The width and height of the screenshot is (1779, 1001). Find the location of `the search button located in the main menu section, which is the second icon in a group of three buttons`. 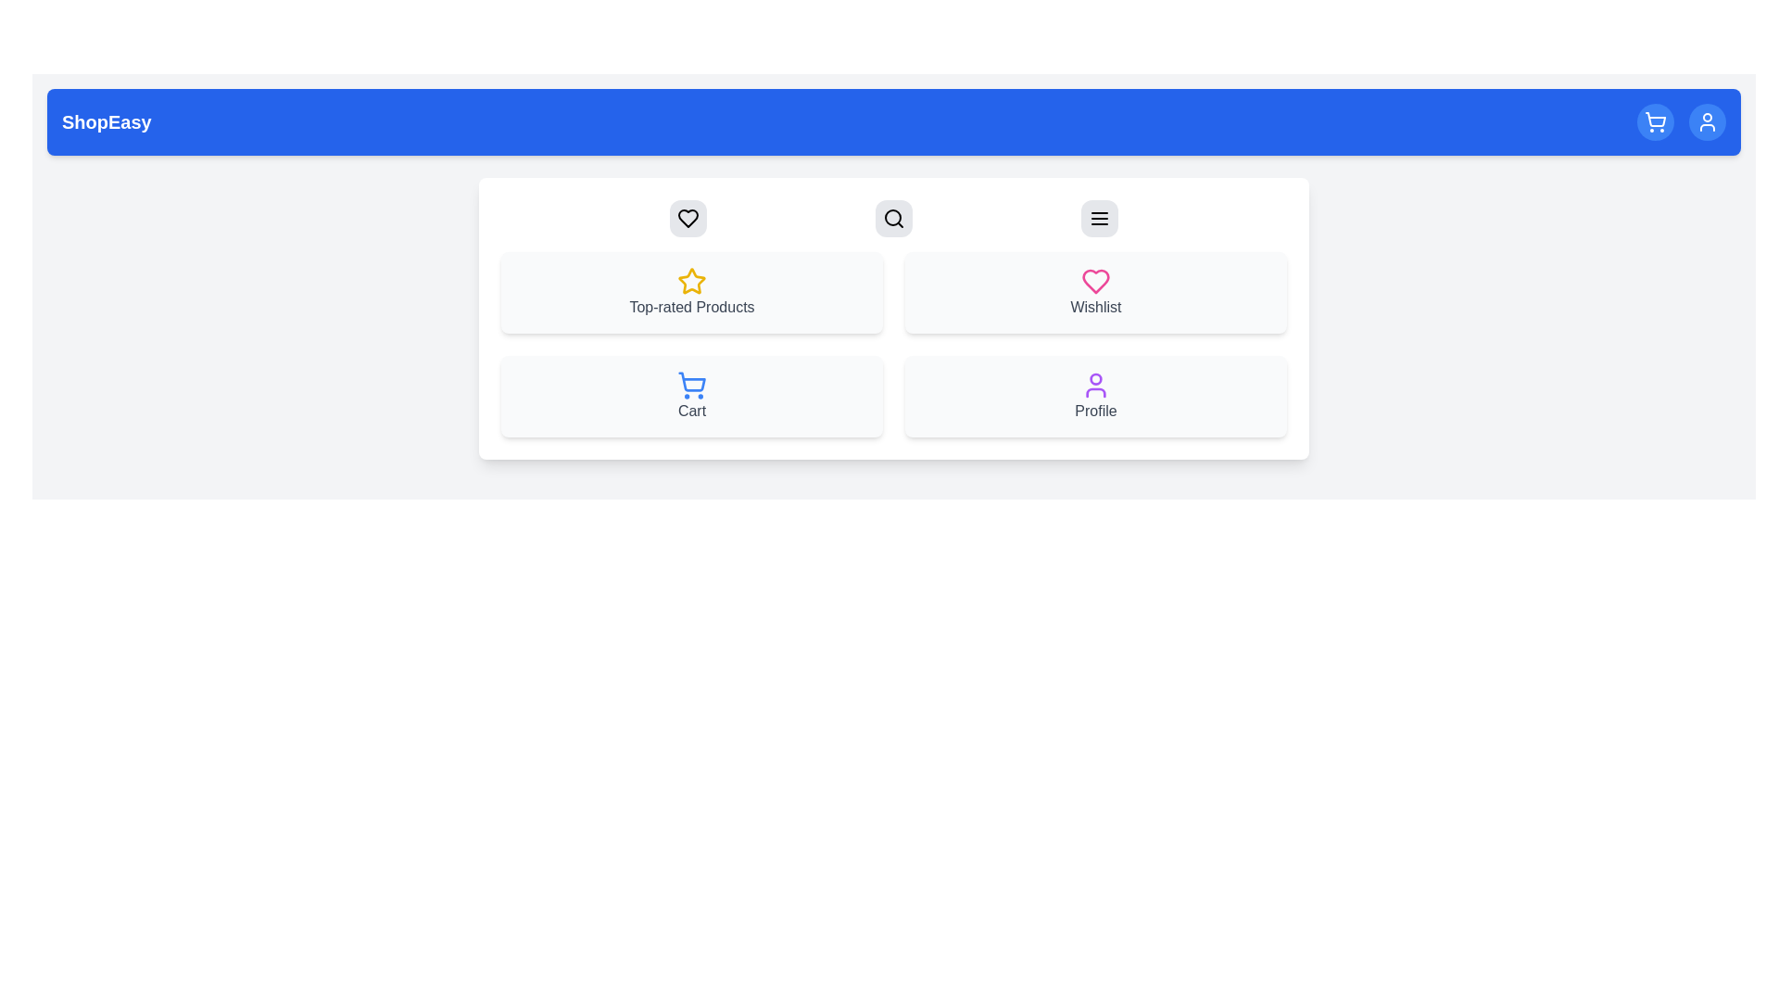

the search button located in the main menu section, which is the second icon in a group of three buttons is located at coordinates (893, 217).